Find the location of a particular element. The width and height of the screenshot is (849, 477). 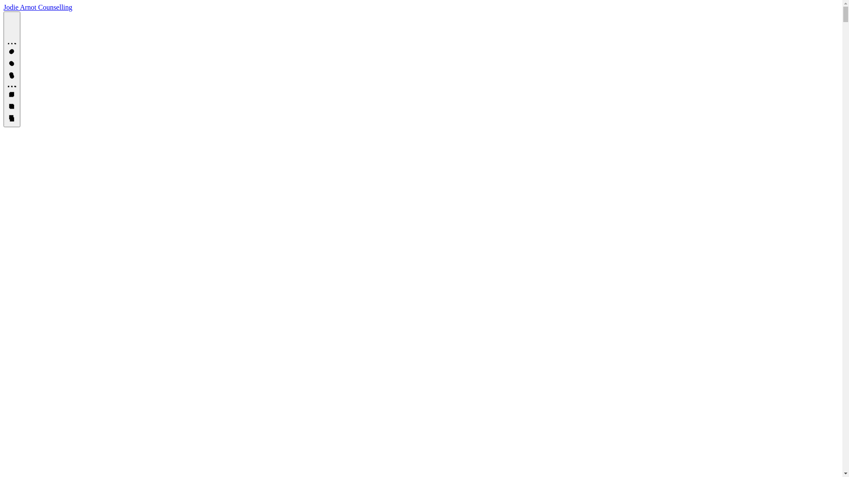

'Jodie Arnot Counselling' is located at coordinates (38, 7).